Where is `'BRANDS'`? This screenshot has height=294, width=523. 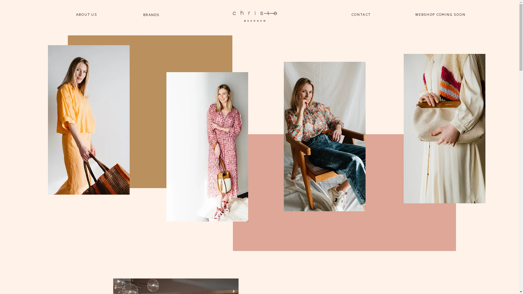 'BRANDS' is located at coordinates (152, 14).